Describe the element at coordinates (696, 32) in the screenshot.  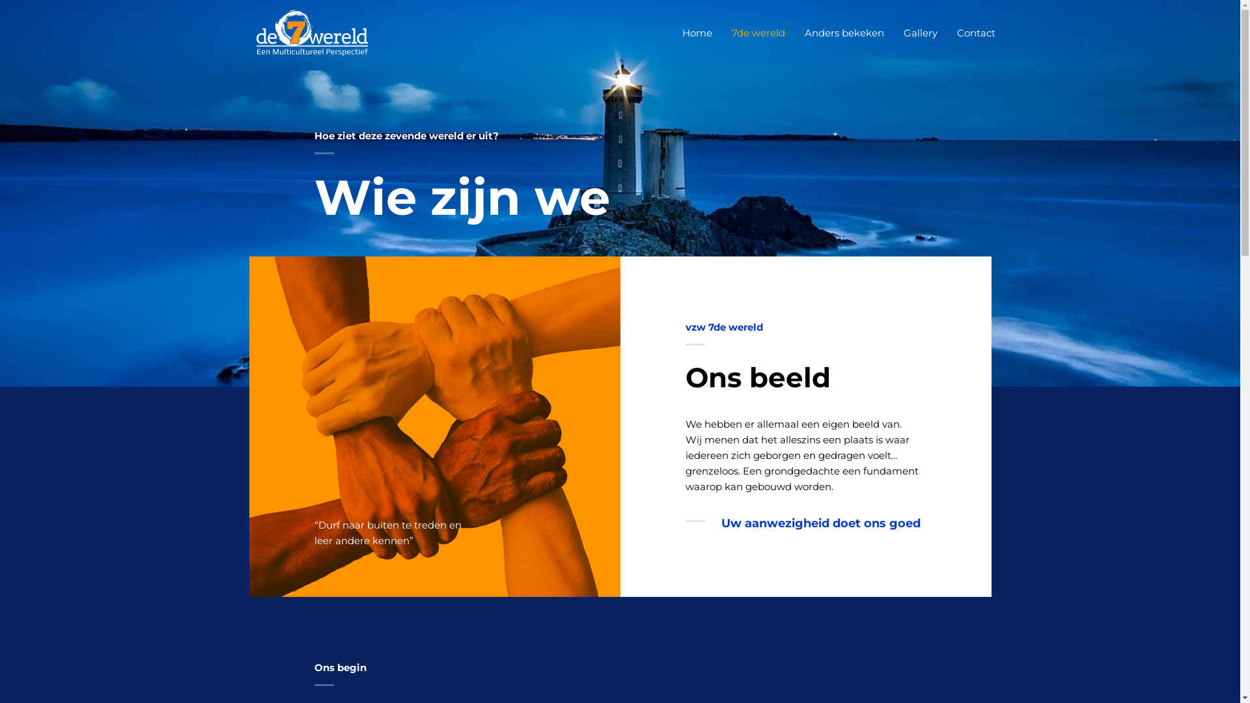
I see `'Home'` at that location.